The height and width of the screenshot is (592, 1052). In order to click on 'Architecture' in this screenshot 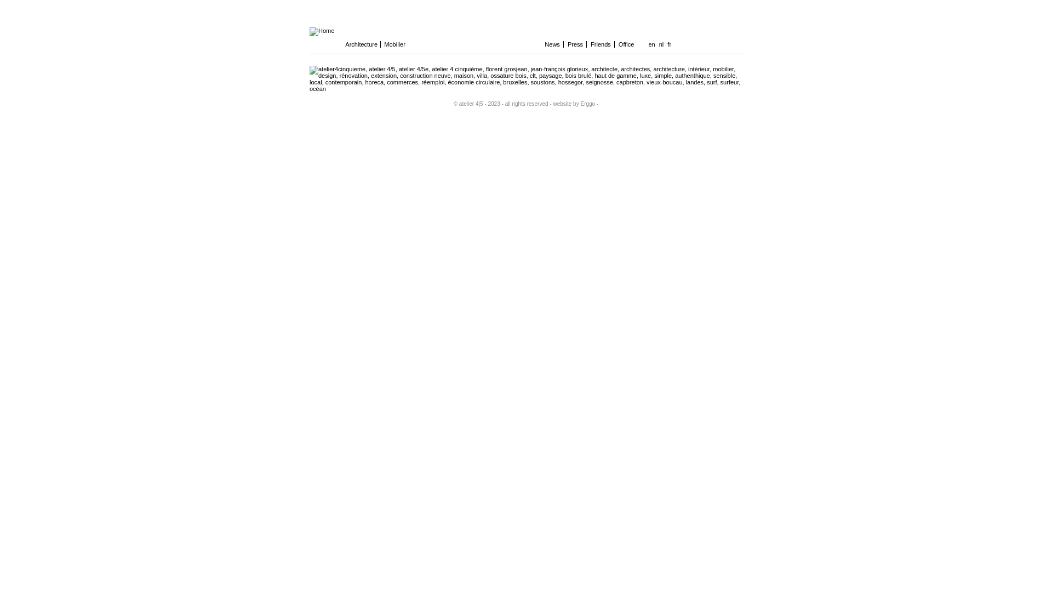, I will do `click(362, 44)`.